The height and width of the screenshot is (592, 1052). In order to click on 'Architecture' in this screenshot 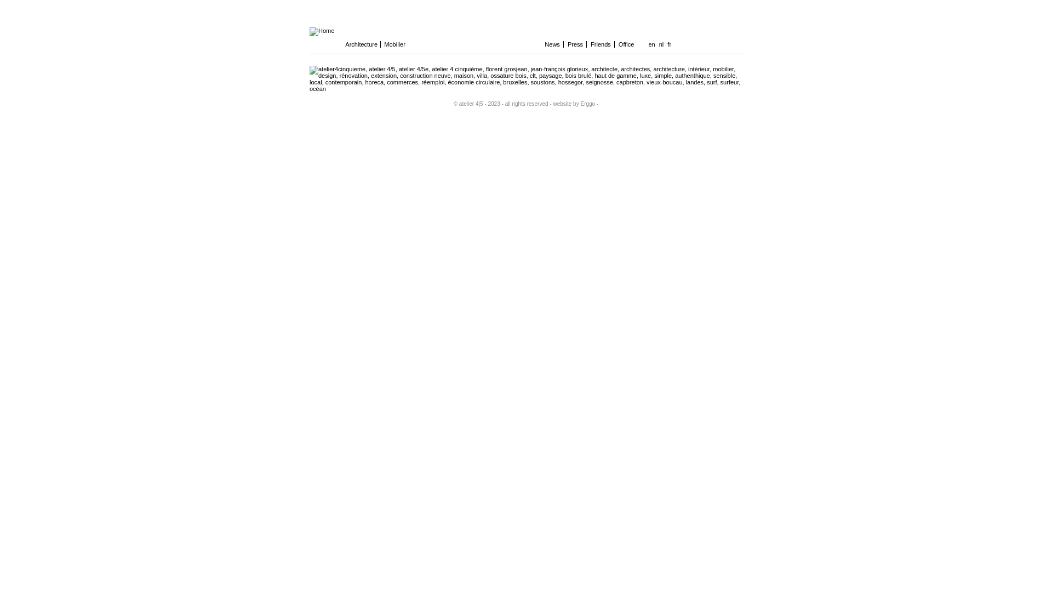, I will do `click(362, 44)`.